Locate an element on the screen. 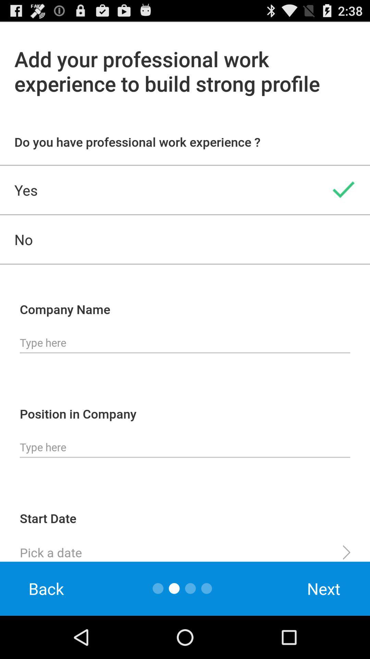 The height and width of the screenshot is (659, 370). no icon is located at coordinates (185, 239).